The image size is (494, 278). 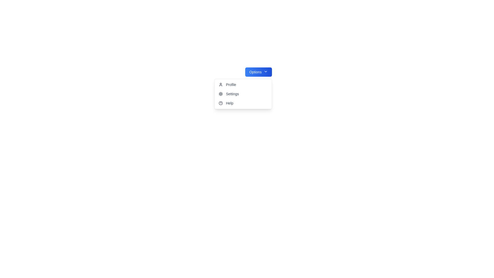 What do you see at coordinates (243, 94) in the screenshot?
I see `the 'Settings' menu item, which is the second item in the dropdown menu, located below 'Profile' and above 'Help'` at bounding box center [243, 94].